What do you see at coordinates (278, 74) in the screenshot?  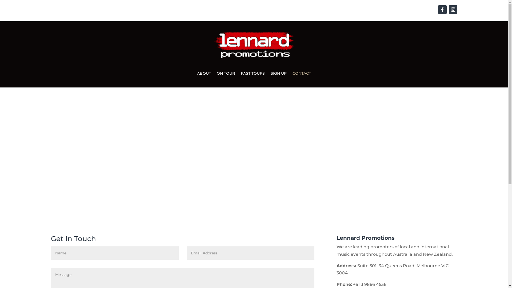 I see `'SIGN UP'` at bounding box center [278, 74].